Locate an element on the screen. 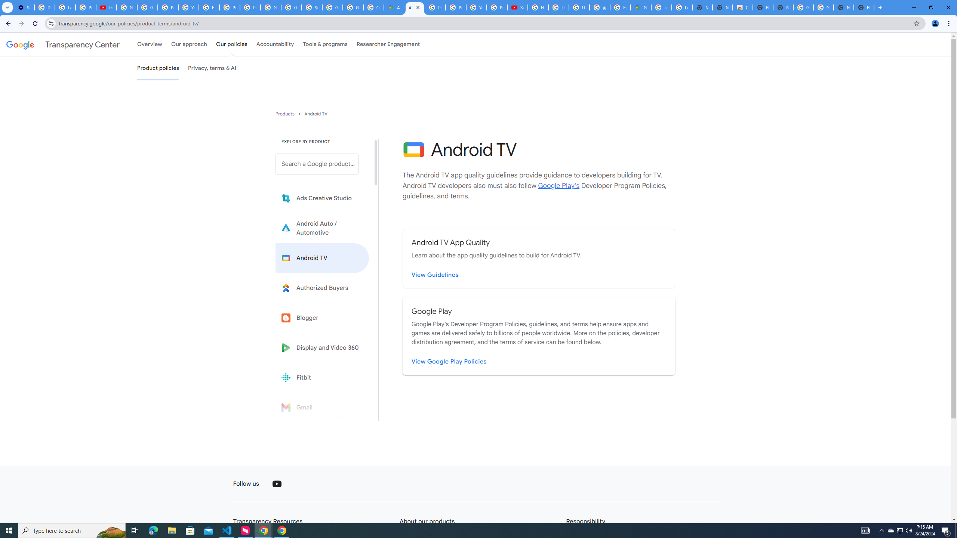 Image resolution: width=957 pixels, height=538 pixels. 'Subscriptions - YouTube' is located at coordinates (517, 7).